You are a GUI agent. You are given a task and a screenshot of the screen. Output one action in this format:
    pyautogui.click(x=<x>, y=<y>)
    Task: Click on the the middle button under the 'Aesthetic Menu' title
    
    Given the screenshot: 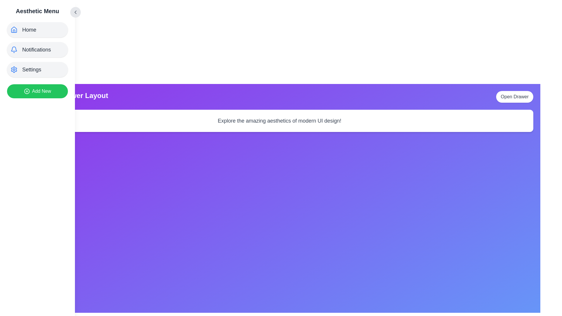 What is the action you would take?
    pyautogui.click(x=37, y=49)
    